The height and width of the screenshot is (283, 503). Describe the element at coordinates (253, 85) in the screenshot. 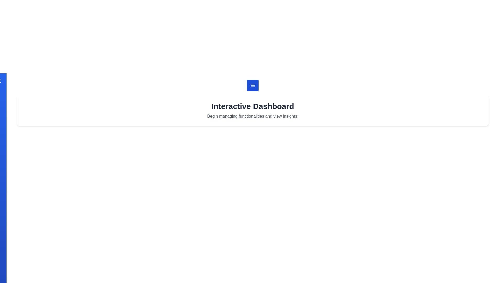

I see `the menu button to open the utility drawer` at that location.